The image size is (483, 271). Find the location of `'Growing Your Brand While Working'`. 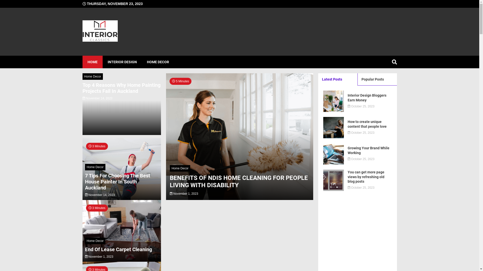

'Growing Your Brand While Working' is located at coordinates (347, 150).